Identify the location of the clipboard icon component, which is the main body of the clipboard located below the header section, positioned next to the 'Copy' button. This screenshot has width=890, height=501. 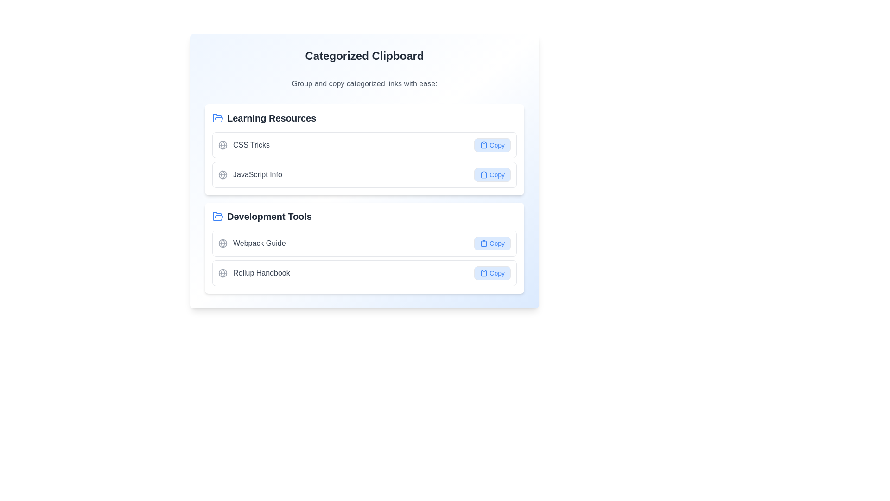
(483, 273).